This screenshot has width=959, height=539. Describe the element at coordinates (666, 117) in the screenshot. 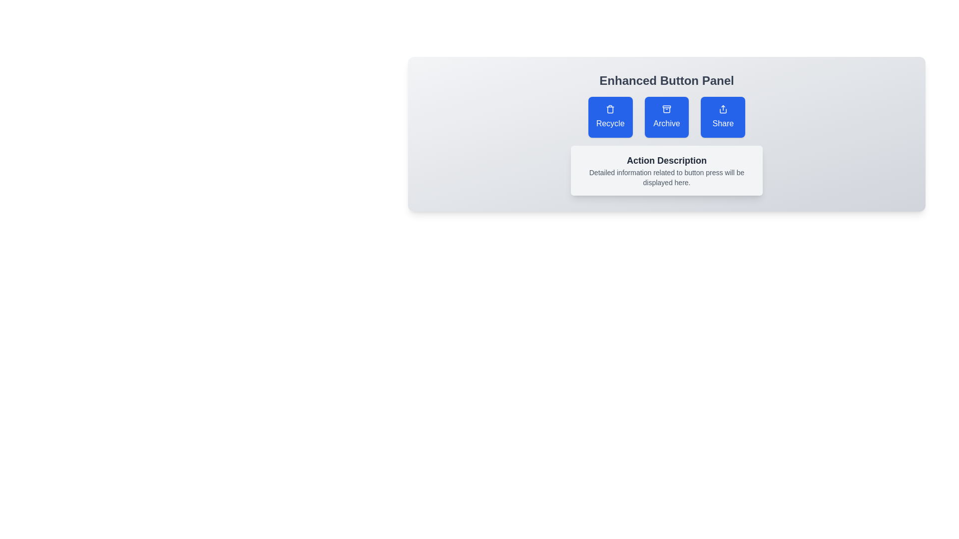

I see `the 'Archive' button, which is a blue rectangular button with a white archive icon and the label 'Archive' below it, located in the middle of a three-button grid under the heading 'Enhanced Button Panel'` at that location.